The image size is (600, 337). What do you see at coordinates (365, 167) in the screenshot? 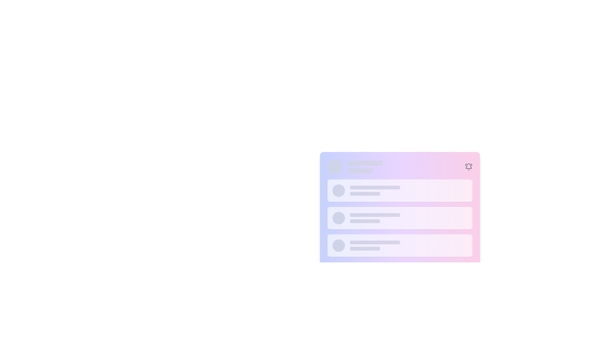
I see `the animation of the Placeholder component located to the immediate right of a circular placeholder icon and above two stacked elements in the top-left quadrant of the interface` at bounding box center [365, 167].